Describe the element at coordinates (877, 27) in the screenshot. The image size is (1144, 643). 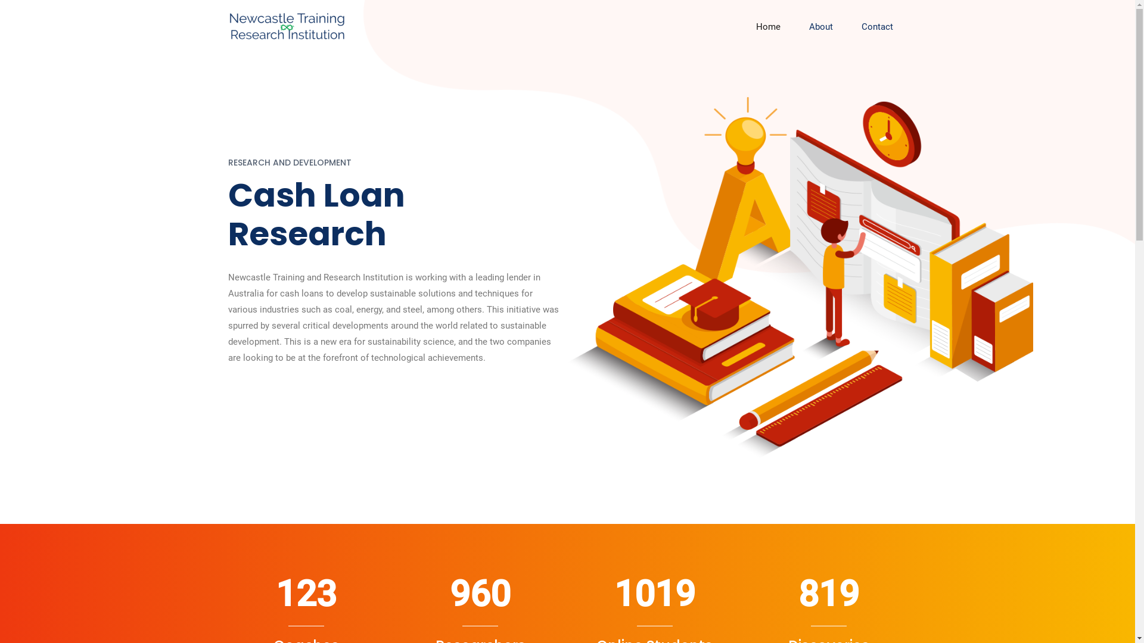
I see `'Contact'` at that location.